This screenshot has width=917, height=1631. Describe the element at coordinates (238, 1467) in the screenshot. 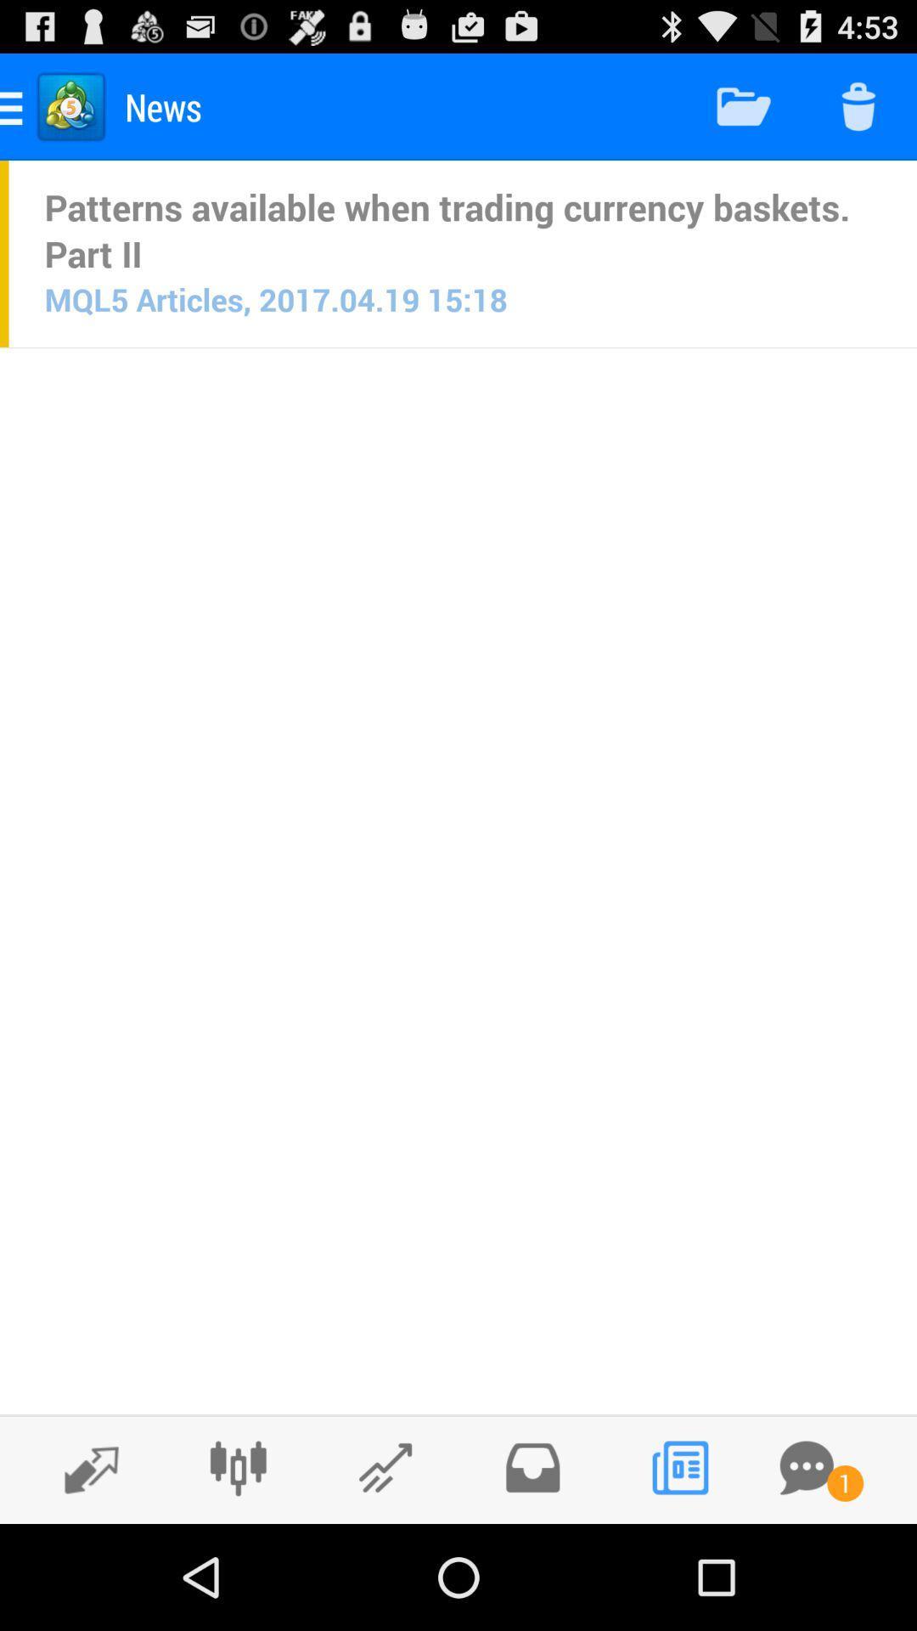

I see `options` at that location.